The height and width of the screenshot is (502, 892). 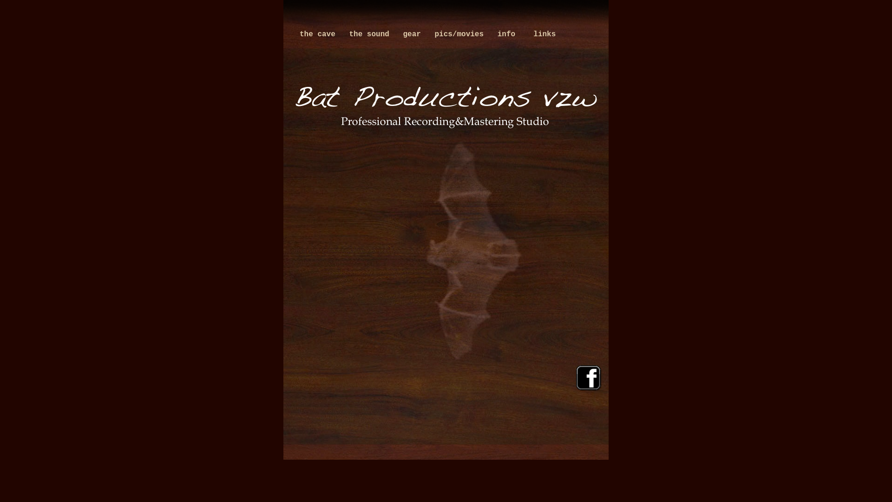 I want to click on 'pics/movies', so click(x=434, y=33).